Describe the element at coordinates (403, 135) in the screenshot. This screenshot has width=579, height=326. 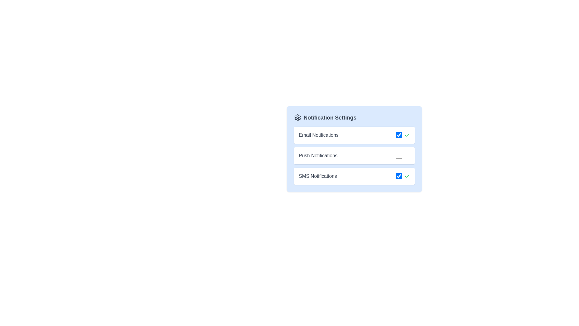
I see `the checkbox with a blue background and a checkmark icon` at that location.